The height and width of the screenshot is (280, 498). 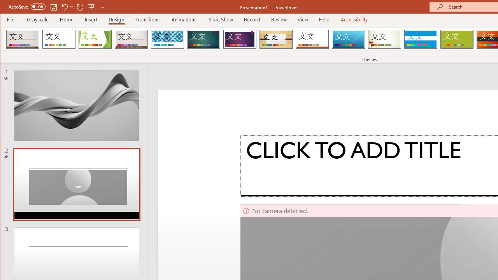 What do you see at coordinates (37, 19) in the screenshot?
I see `'Grayscale'` at bounding box center [37, 19].